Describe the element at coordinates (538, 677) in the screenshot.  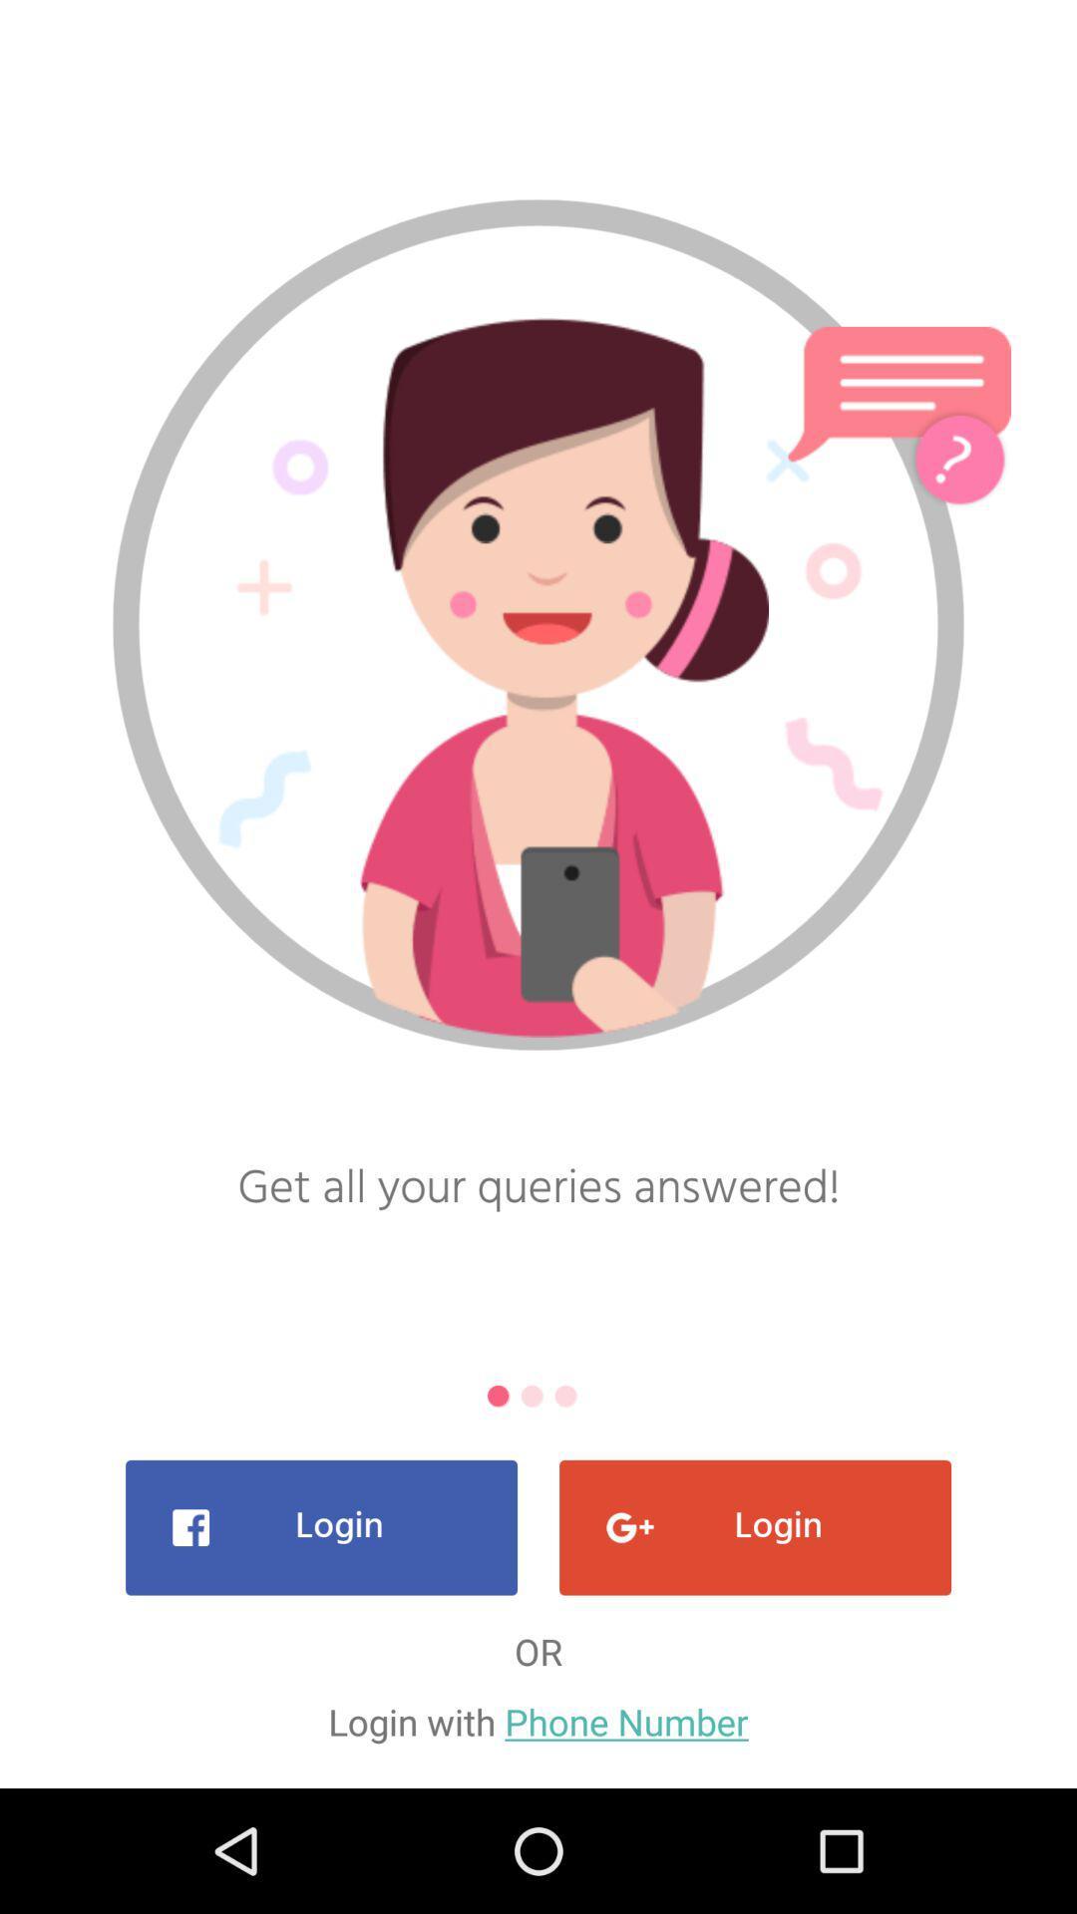
I see `the image` at that location.